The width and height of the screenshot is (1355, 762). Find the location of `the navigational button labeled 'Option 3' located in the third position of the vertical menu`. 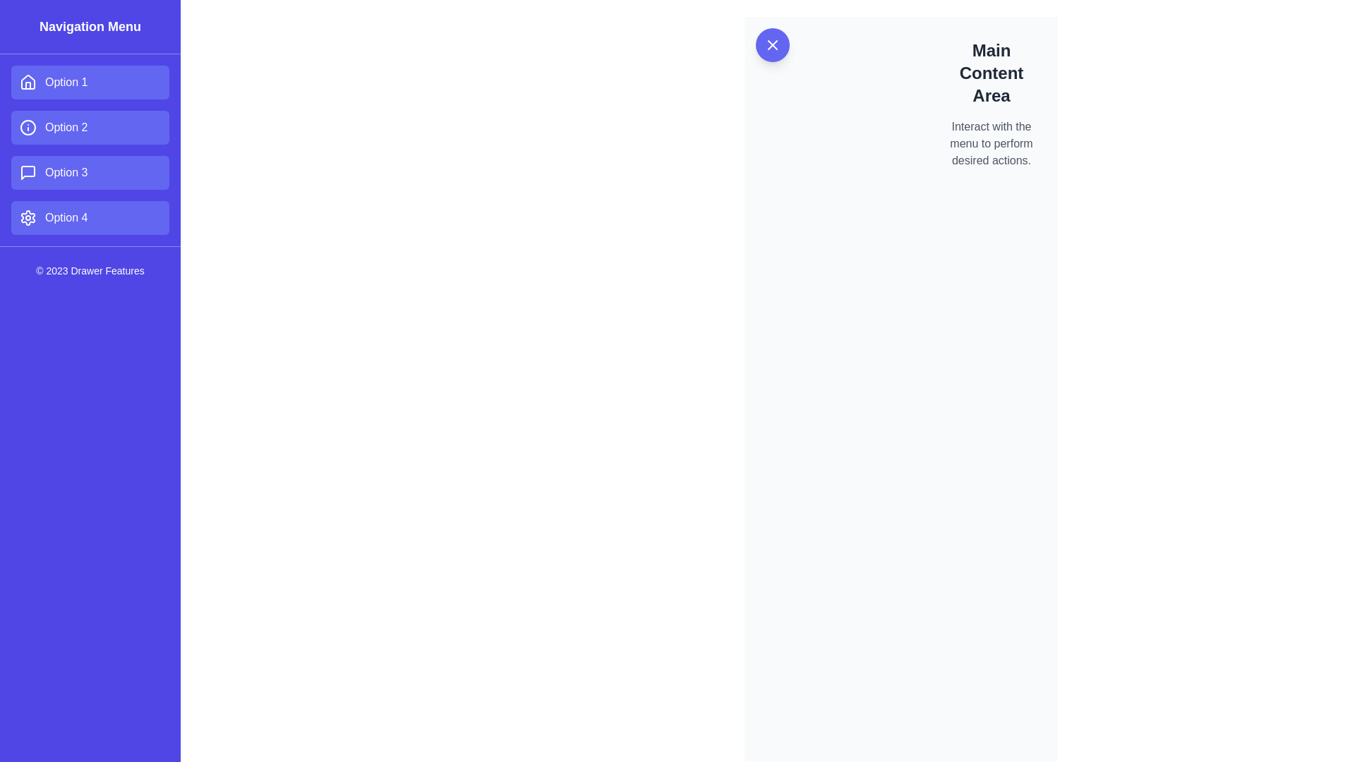

the navigational button labeled 'Option 3' located in the third position of the vertical menu is located at coordinates (90, 172).